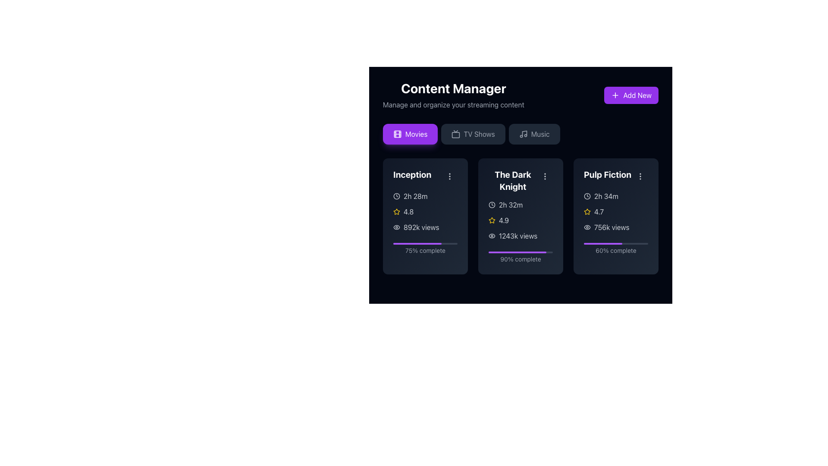 This screenshot has height=466, width=828. Describe the element at coordinates (396, 196) in the screenshot. I see `the small circular clock icon with a dark background and light-colored strokes, located to the left of the '2h 28m' text in the 'Inception' card` at that location.